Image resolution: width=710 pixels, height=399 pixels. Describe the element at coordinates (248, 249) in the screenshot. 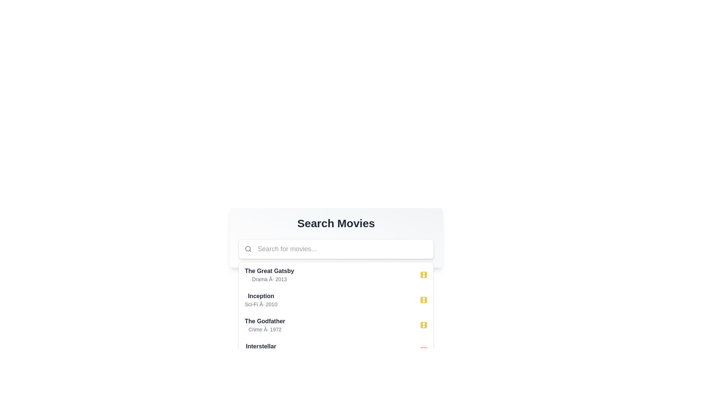

I see `the search field by clicking on the decorative circle icon that represents the magnifier's lens within the search icon, located centrally below the 'Search Movies' title` at that location.